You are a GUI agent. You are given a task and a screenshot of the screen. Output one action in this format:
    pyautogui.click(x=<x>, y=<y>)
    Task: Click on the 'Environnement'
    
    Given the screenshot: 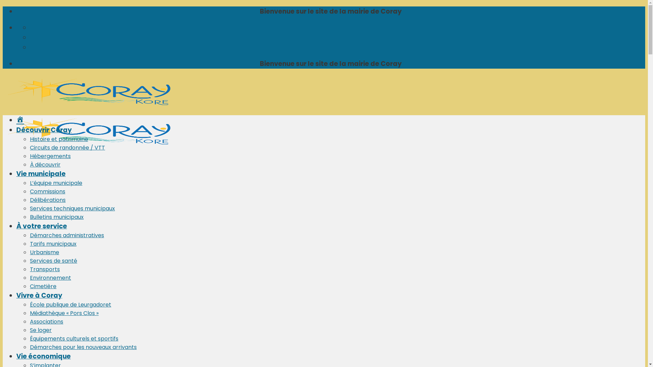 What is the action you would take?
    pyautogui.click(x=50, y=278)
    